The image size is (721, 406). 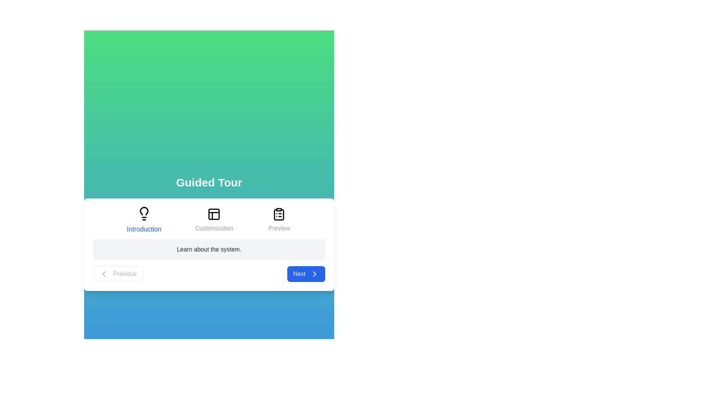 I want to click on the 'Previous' button to navigate to the previous step in the guided tour, so click(x=118, y=274).